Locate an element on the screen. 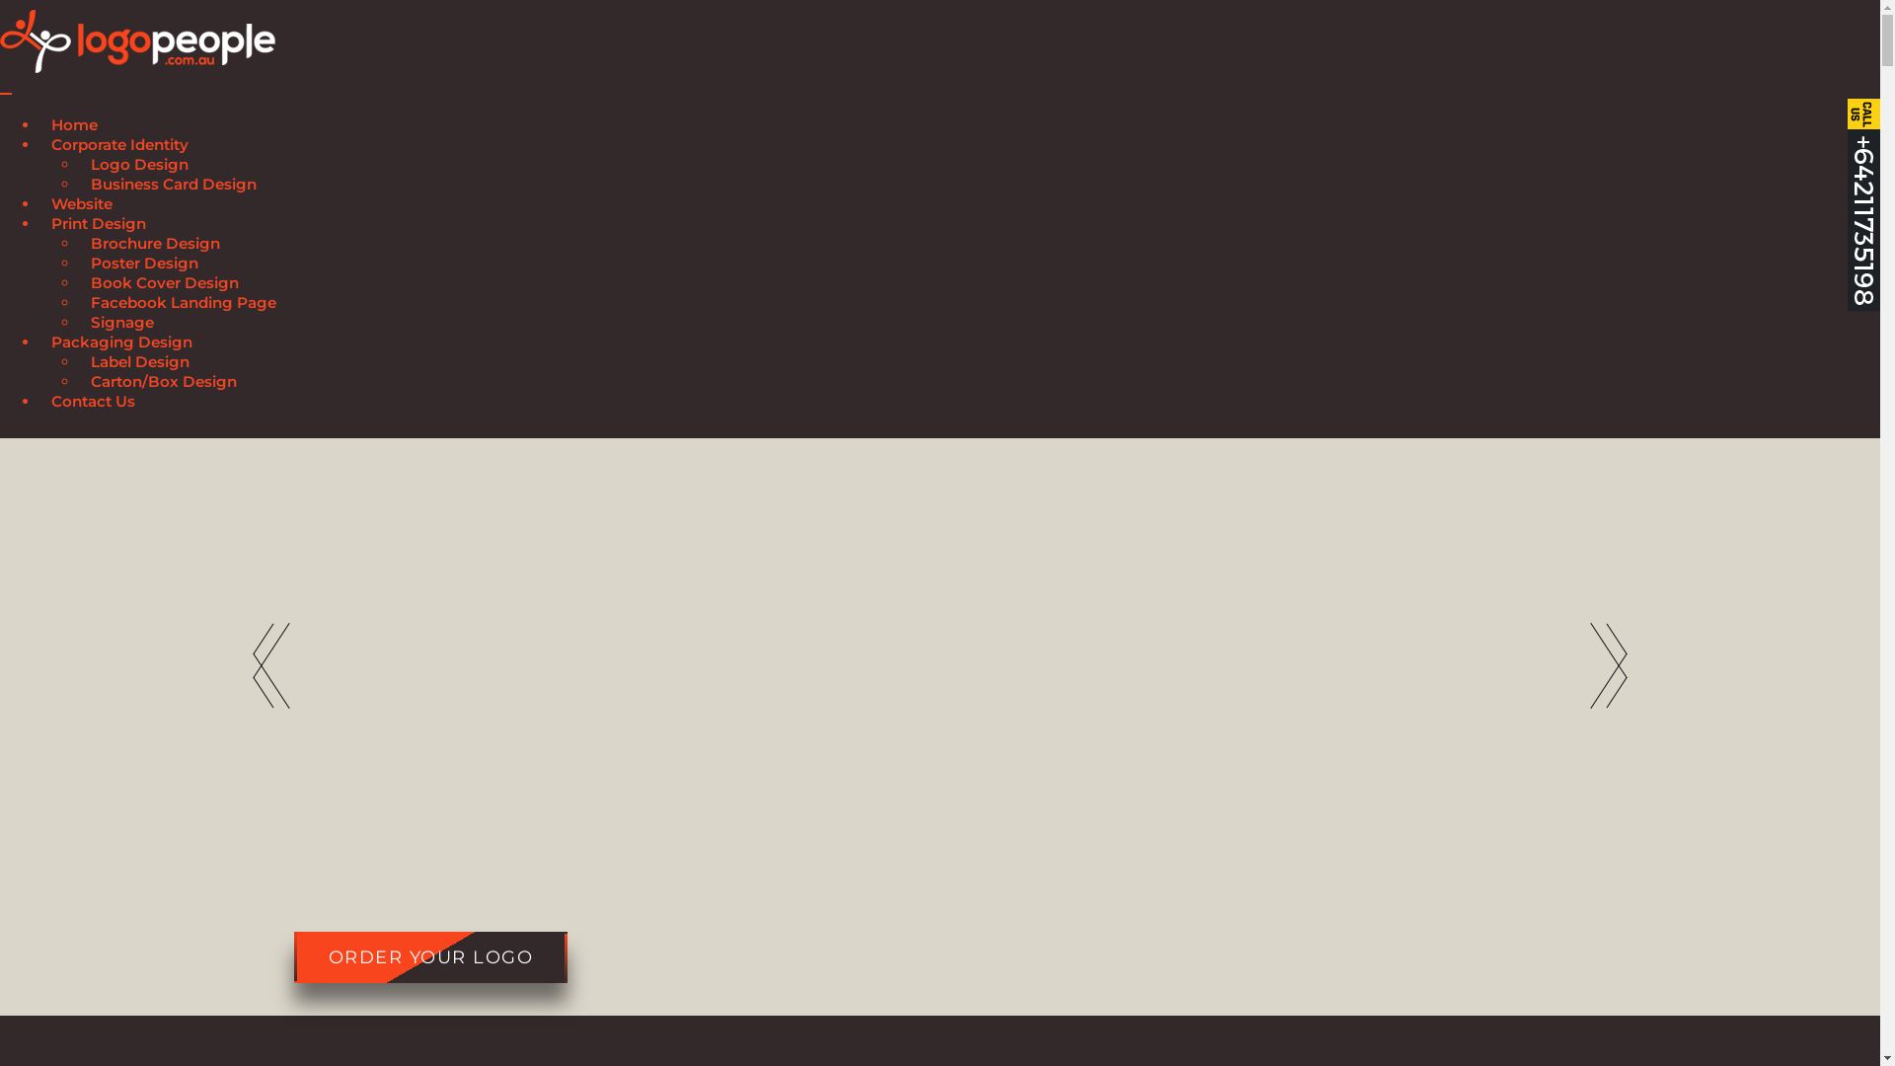  'Print Design' is located at coordinates (98, 225).